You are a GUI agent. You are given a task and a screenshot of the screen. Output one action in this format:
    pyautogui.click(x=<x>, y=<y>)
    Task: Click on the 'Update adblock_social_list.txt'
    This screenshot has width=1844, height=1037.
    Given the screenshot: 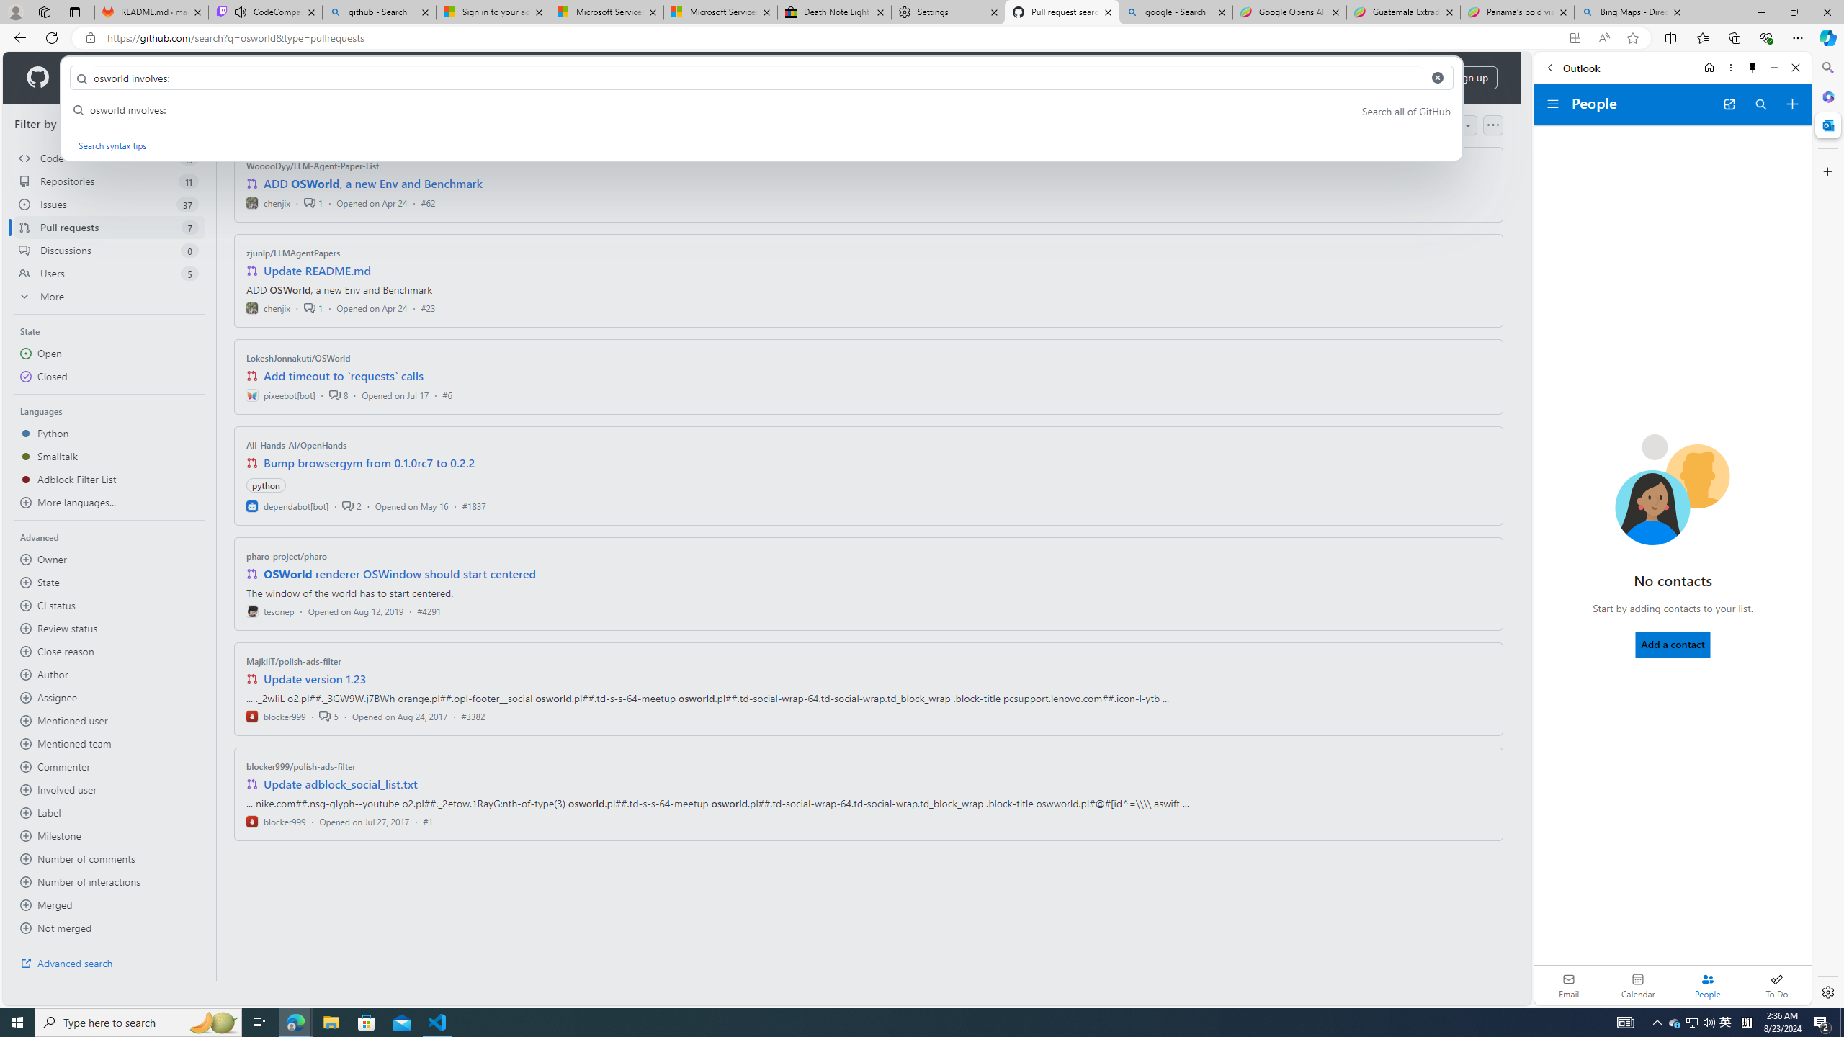 What is the action you would take?
    pyautogui.click(x=340, y=784)
    